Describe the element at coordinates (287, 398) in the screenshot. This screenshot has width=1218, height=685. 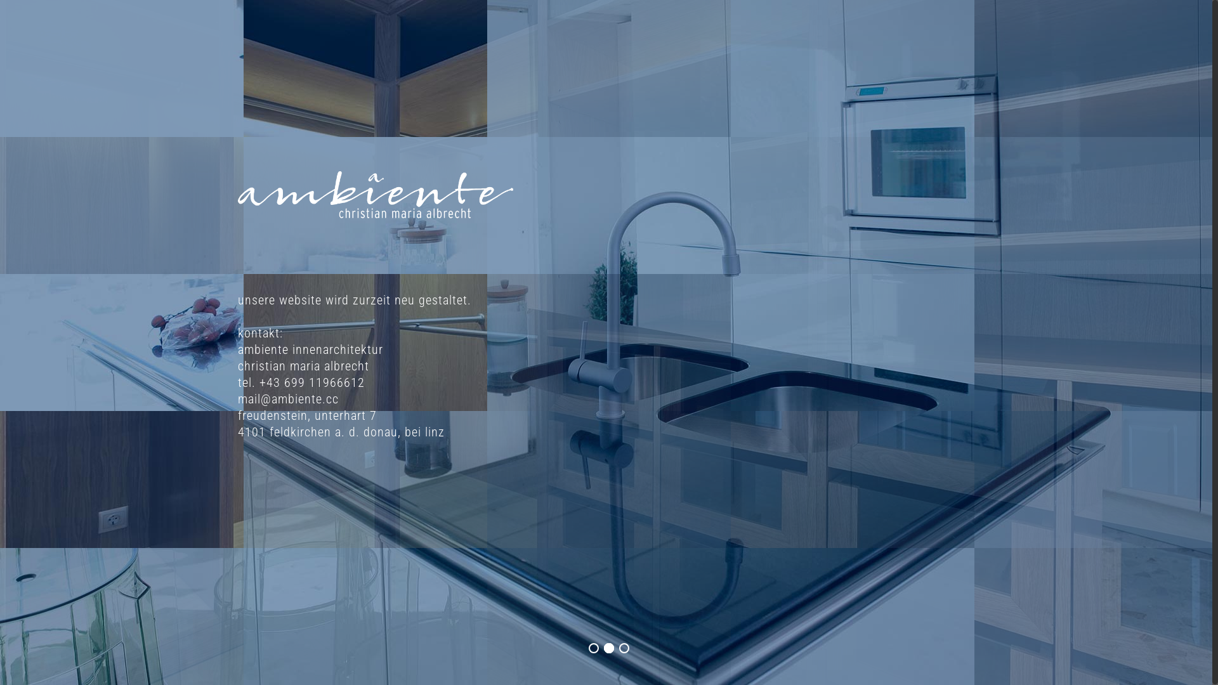
I see `'mail@ambiente.cc'` at that location.